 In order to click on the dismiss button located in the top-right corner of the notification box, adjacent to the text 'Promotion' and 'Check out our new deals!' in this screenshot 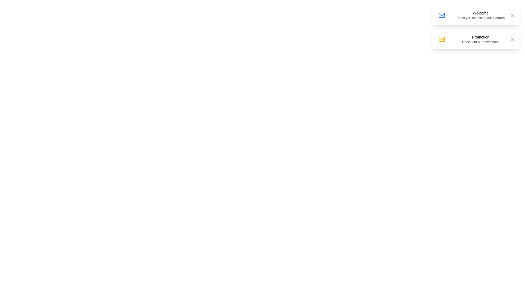, I will do `click(512, 39)`.